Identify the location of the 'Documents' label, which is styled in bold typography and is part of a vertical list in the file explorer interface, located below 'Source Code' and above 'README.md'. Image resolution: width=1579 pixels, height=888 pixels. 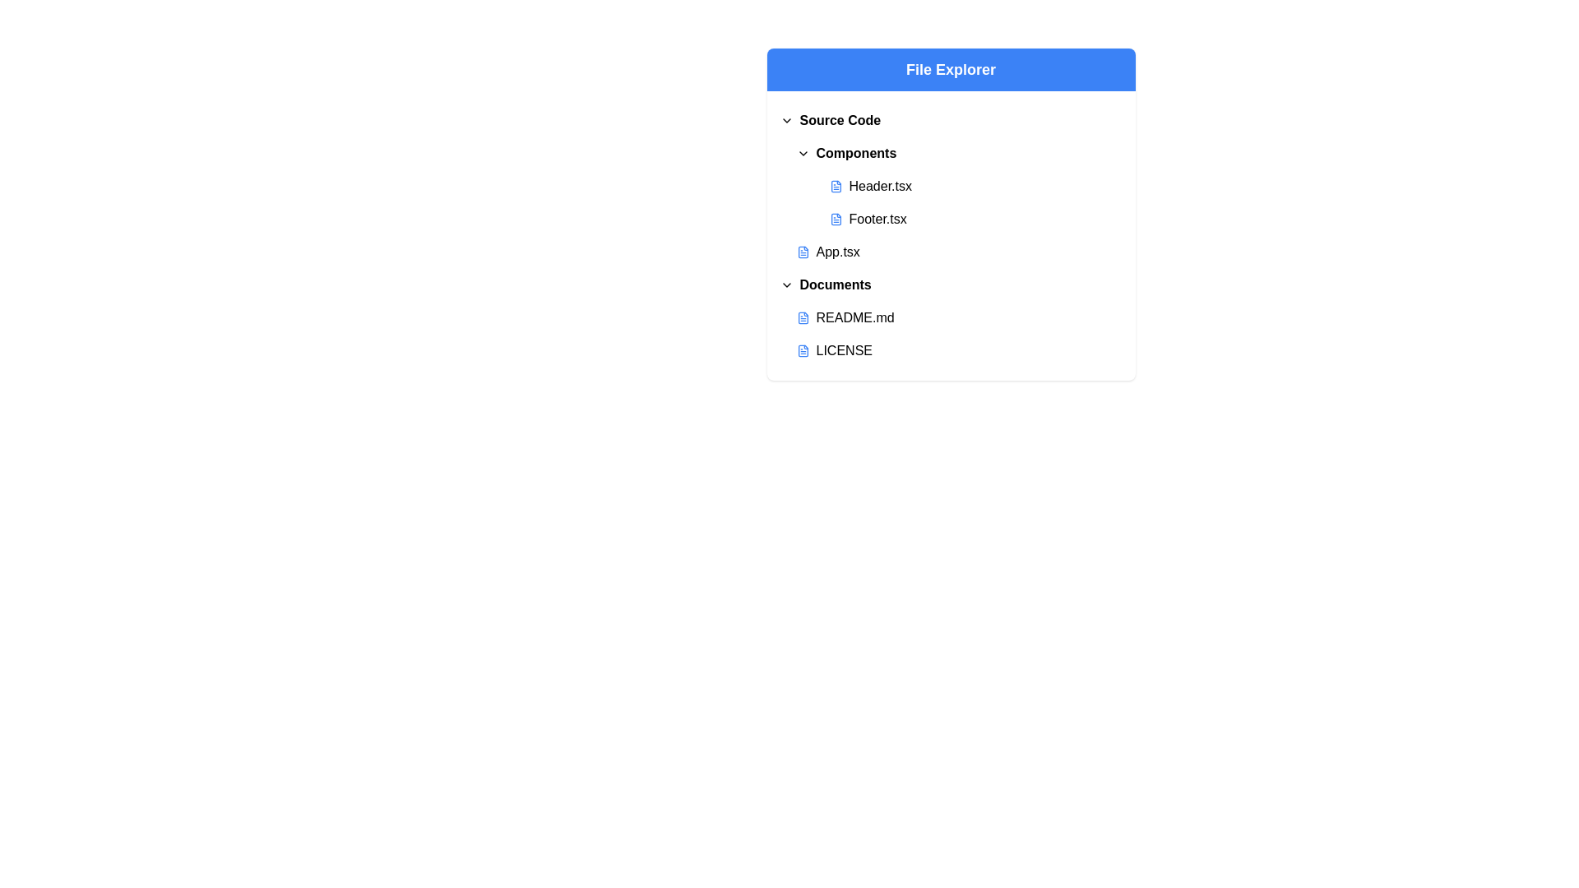
(836, 284).